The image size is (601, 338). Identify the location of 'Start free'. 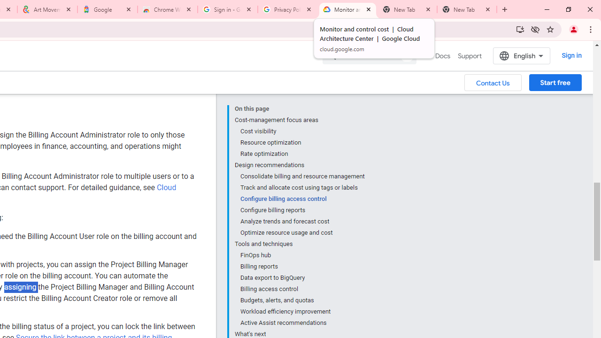
(555, 82).